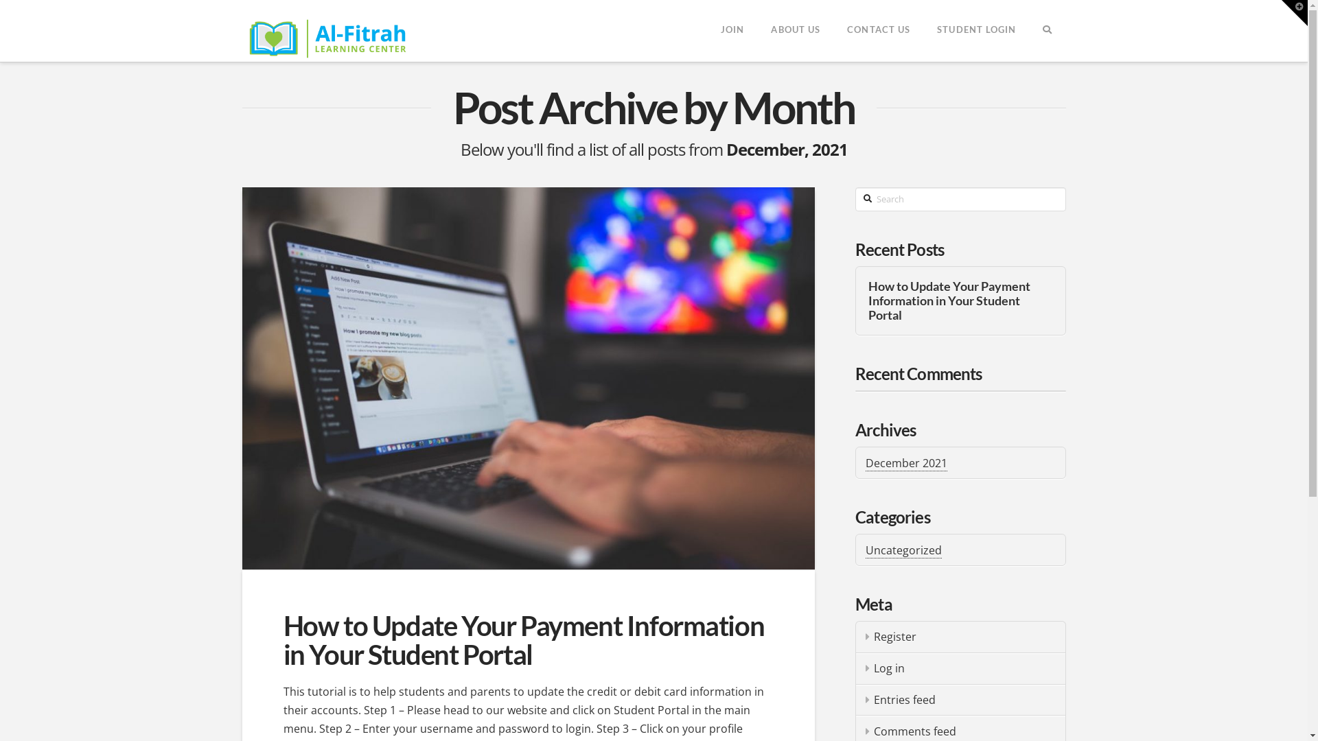 The image size is (1318, 741). I want to click on 'December 2021', so click(865, 463).